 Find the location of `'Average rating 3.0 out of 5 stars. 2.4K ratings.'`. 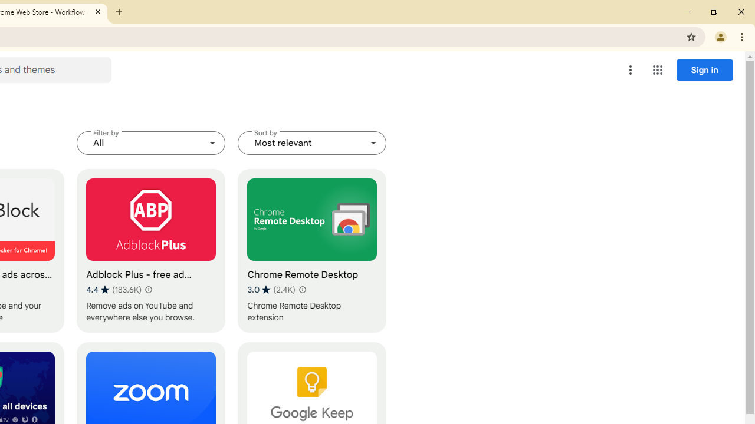

'Average rating 3.0 out of 5 stars. 2.4K ratings.' is located at coordinates (271, 289).